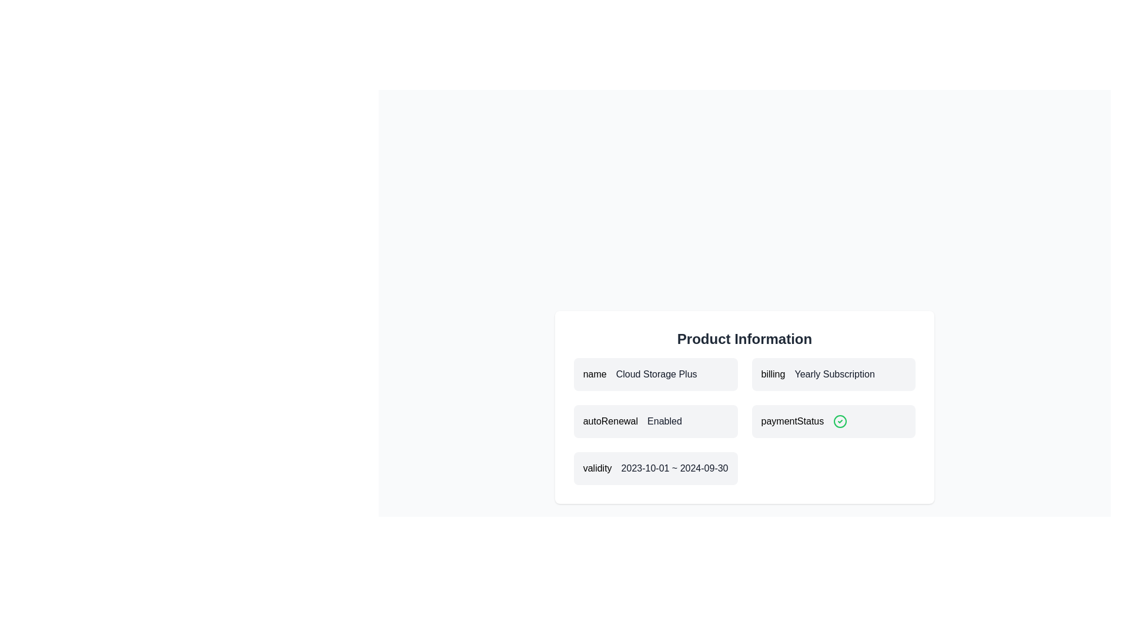 Image resolution: width=1129 pixels, height=635 pixels. Describe the element at coordinates (840, 421) in the screenshot. I see `the Status indicator icon (SVG) that signifies a positive payment status, located to the right of the 'paymentStatus' label in the bottom-right corner of the 'Product Information' section` at that location.